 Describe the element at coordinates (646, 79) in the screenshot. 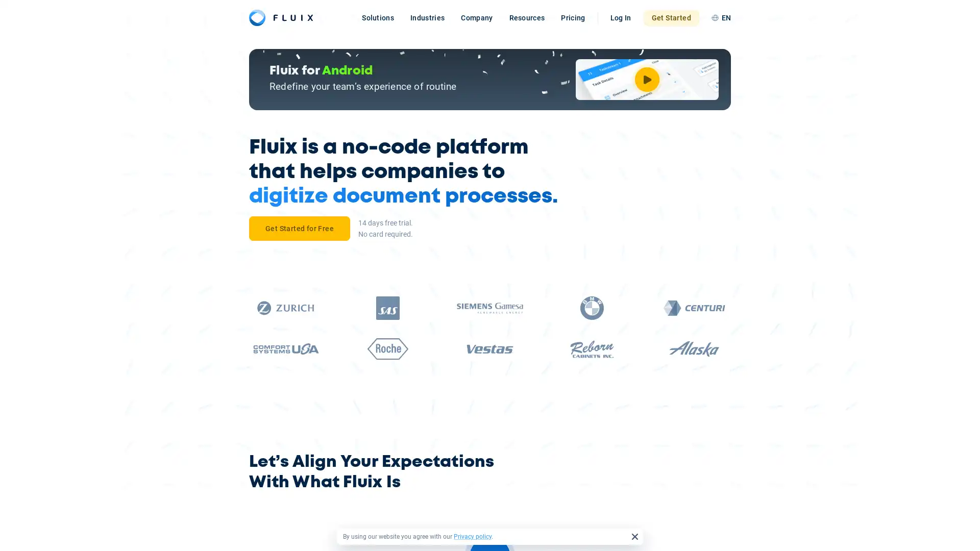

I see `Watch Video` at that location.